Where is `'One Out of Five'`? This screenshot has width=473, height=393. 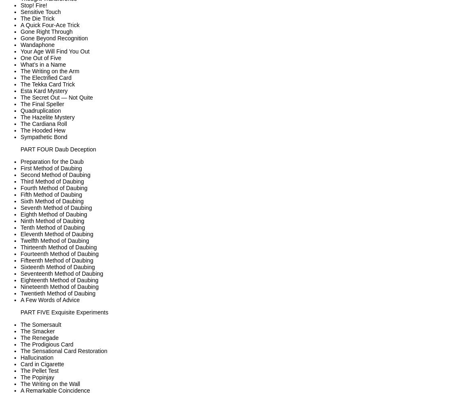
'One Out of Five' is located at coordinates (40, 57).